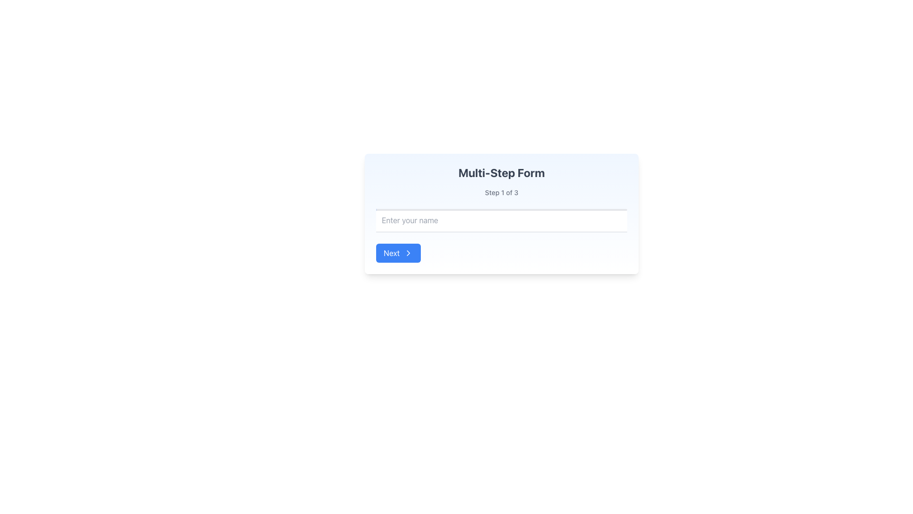 This screenshot has width=913, height=514. What do you see at coordinates (501, 172) in the screenshot?
I see `the Header Text element, which serves as a title for the form located at the top of a rectangular card component, positioned above the subtitle 'Step 1 of 3'` at bounding box center [501, 172].